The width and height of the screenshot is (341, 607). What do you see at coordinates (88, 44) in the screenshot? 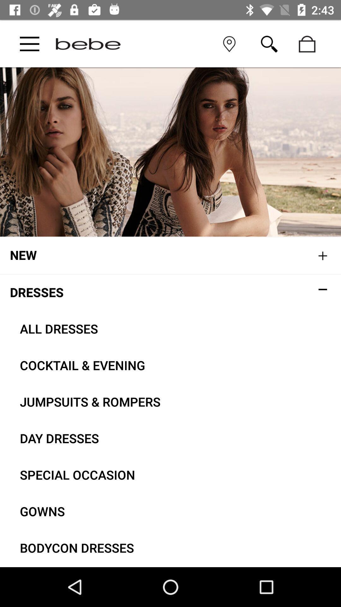
I see `main page` at bounding box center [88, 44].